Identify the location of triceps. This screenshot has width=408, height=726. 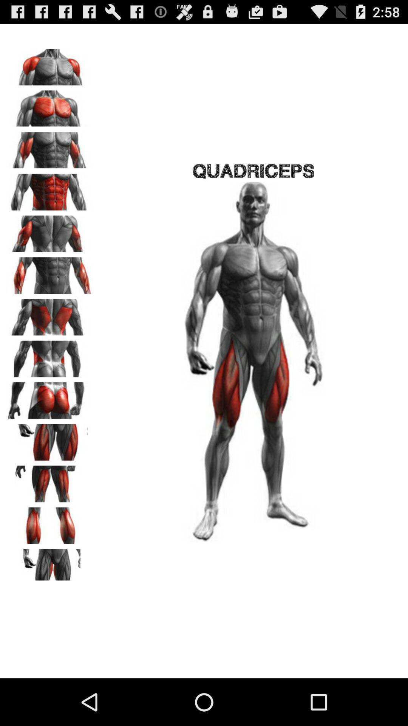
(49, 231).